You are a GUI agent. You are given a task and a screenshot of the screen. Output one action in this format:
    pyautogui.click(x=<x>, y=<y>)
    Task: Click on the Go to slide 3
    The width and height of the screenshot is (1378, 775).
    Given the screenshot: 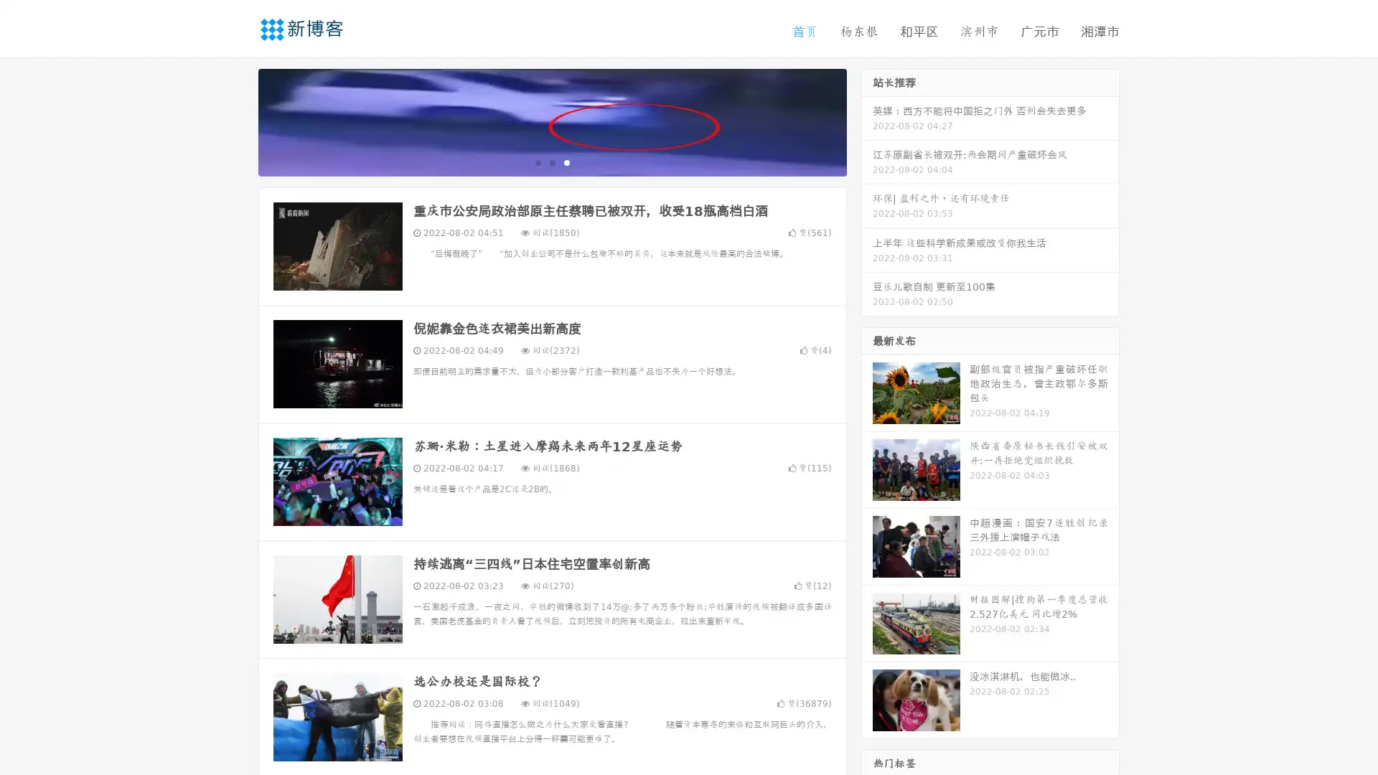 What is the action you would take?
    pyautogui.click(x=566, y=161)
    